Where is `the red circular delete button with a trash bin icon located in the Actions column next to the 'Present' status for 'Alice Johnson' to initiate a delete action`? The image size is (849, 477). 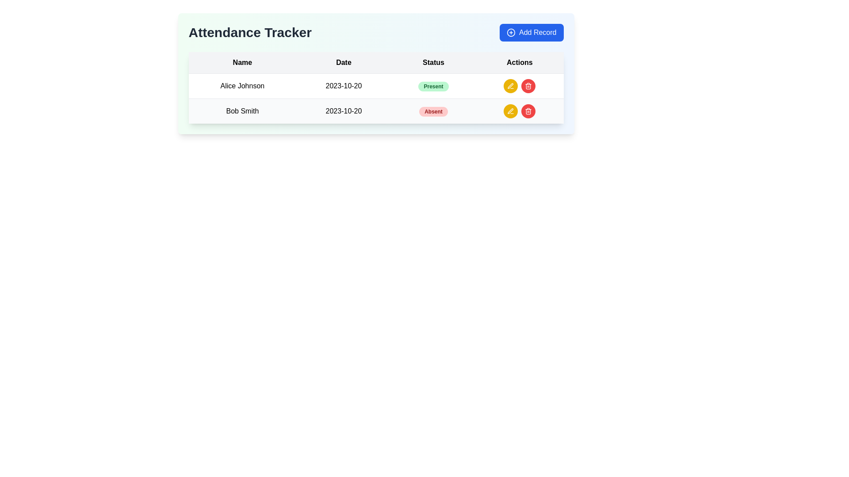
the red circular delete button with a trash bin icon located in the Actions column next to the 'Present' status for 'Alice Johnson' to initiate a delete action is located at coordinates (520, 86).